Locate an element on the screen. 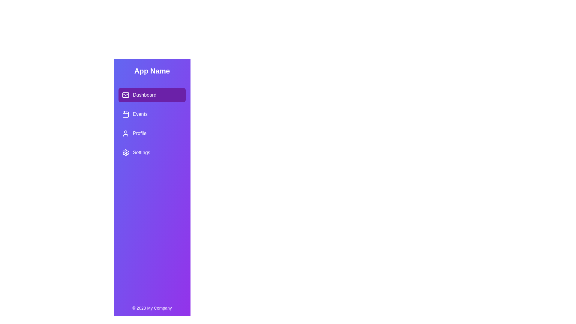 This screenshot has height=324, width=576. the header text 'App Name' in the SidebarNavigation component is located at coordinates (152, 70).